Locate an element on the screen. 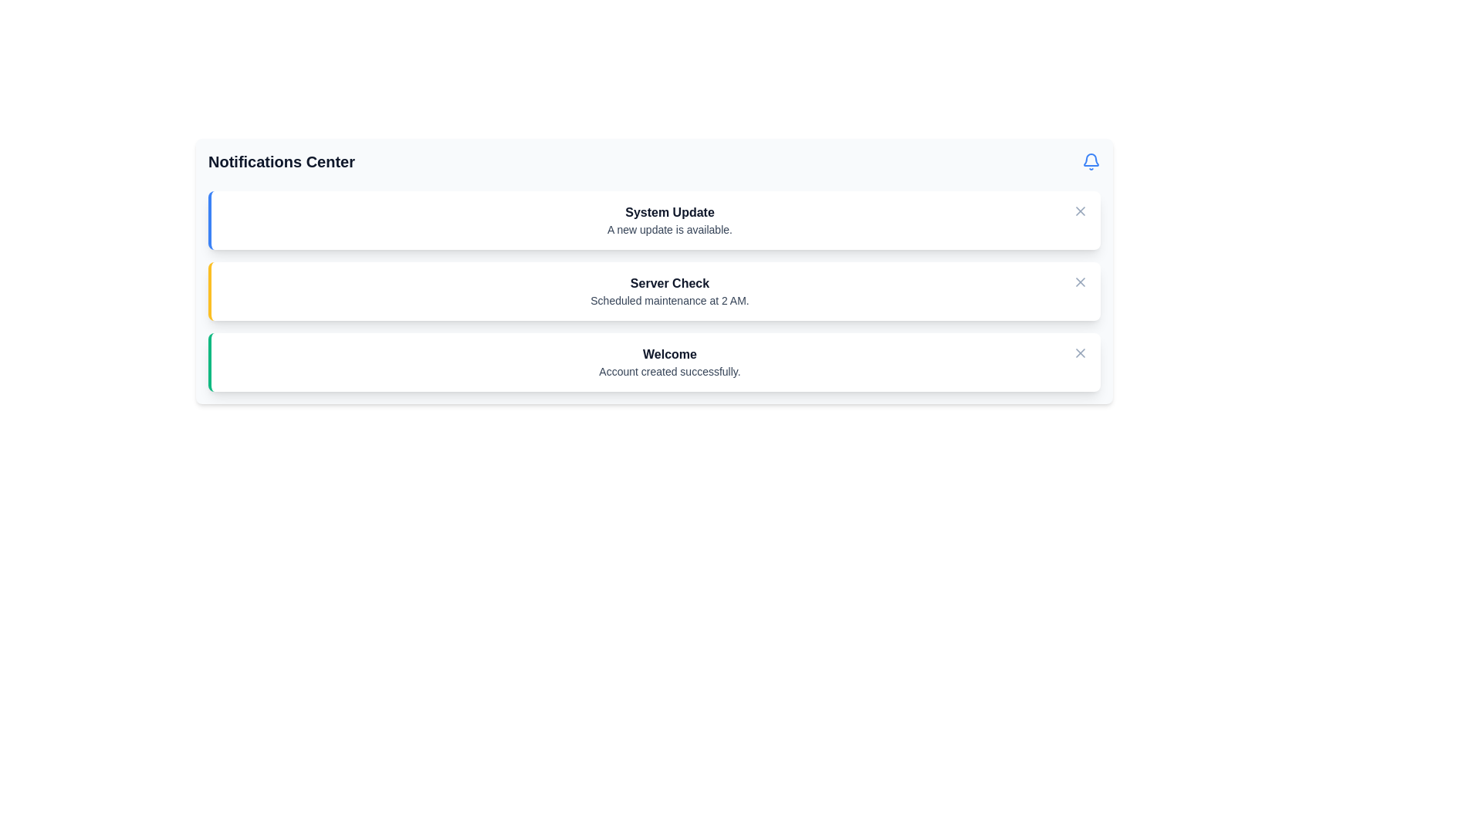 The height and width of the screenshot is (833, 1482). the small circular shape representing a node in the SVG graphic within the first notification entry of the Notifications Center is located at coordinates (239, 219).